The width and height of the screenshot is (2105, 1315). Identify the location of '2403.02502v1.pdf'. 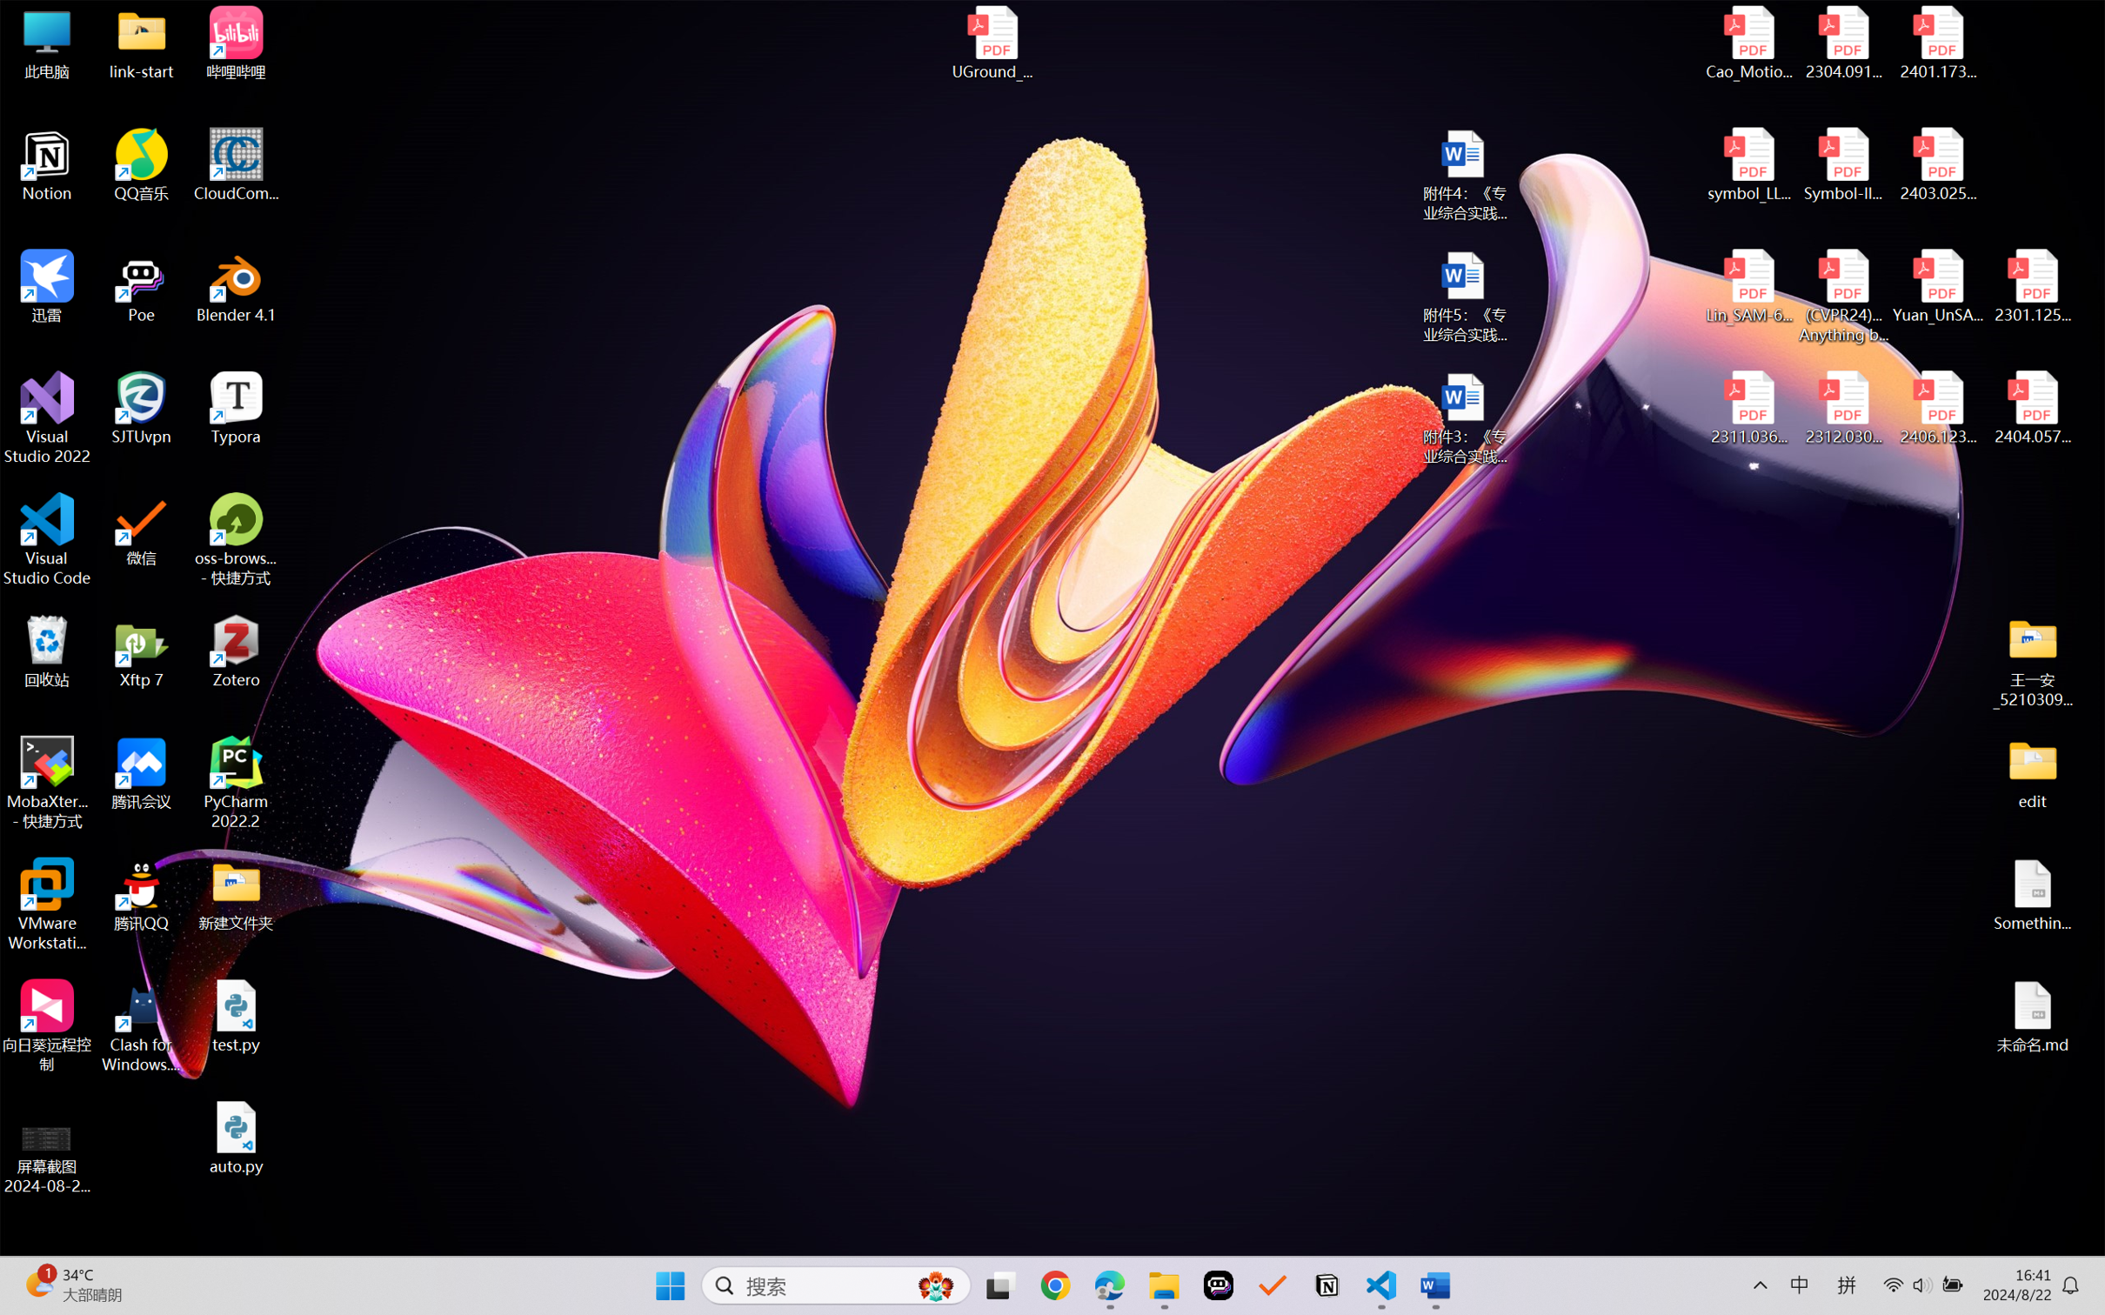
(1936, 165).